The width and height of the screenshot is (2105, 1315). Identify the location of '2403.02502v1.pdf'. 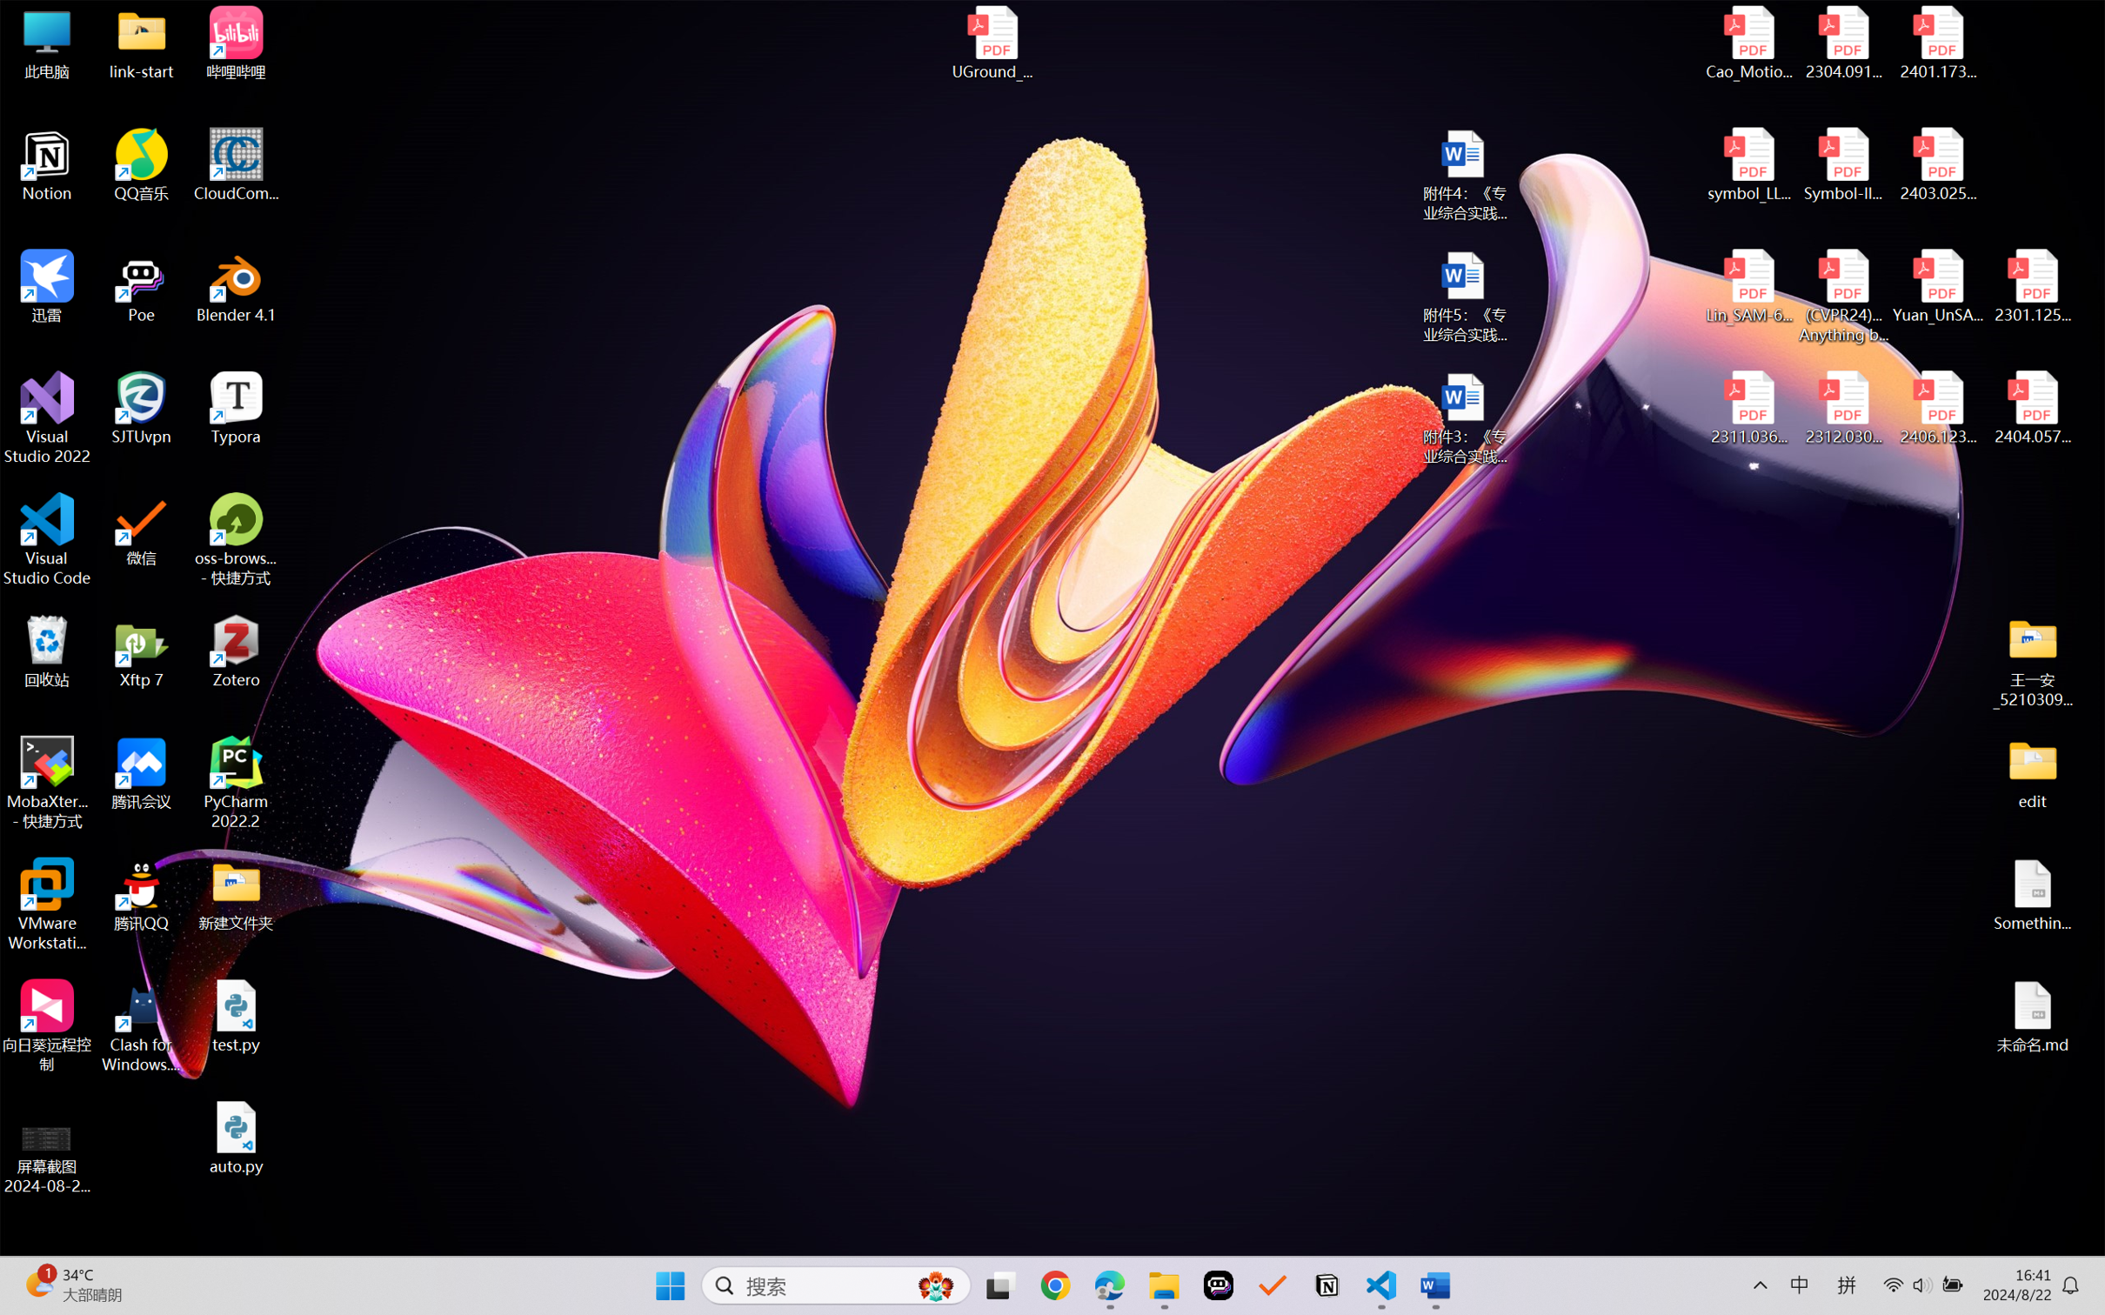
(1936, 165).